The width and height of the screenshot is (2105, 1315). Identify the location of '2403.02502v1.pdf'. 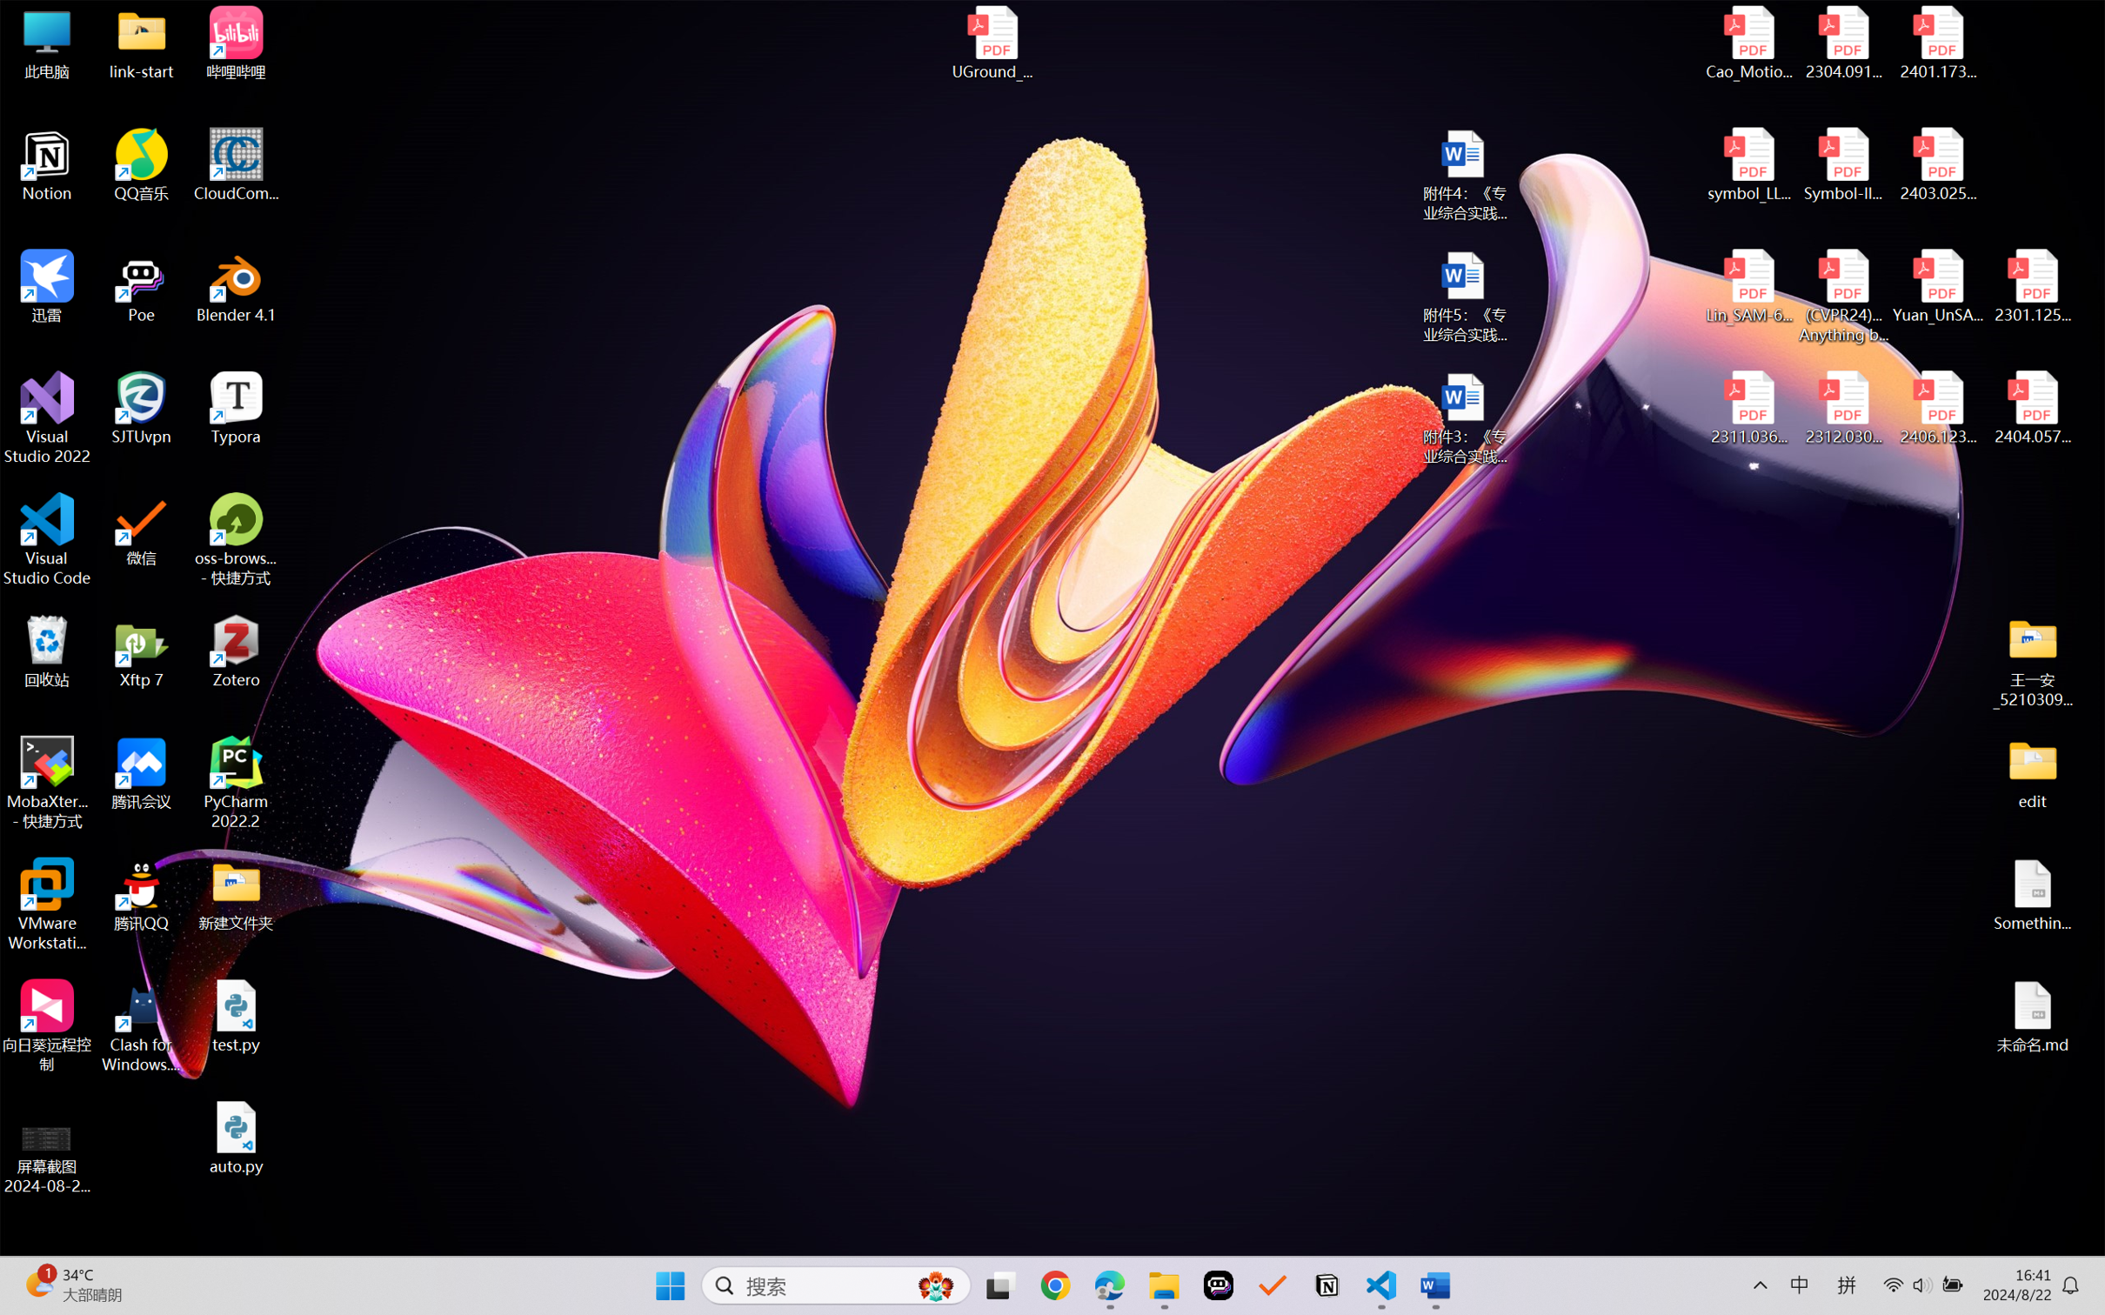
(1936, 165).